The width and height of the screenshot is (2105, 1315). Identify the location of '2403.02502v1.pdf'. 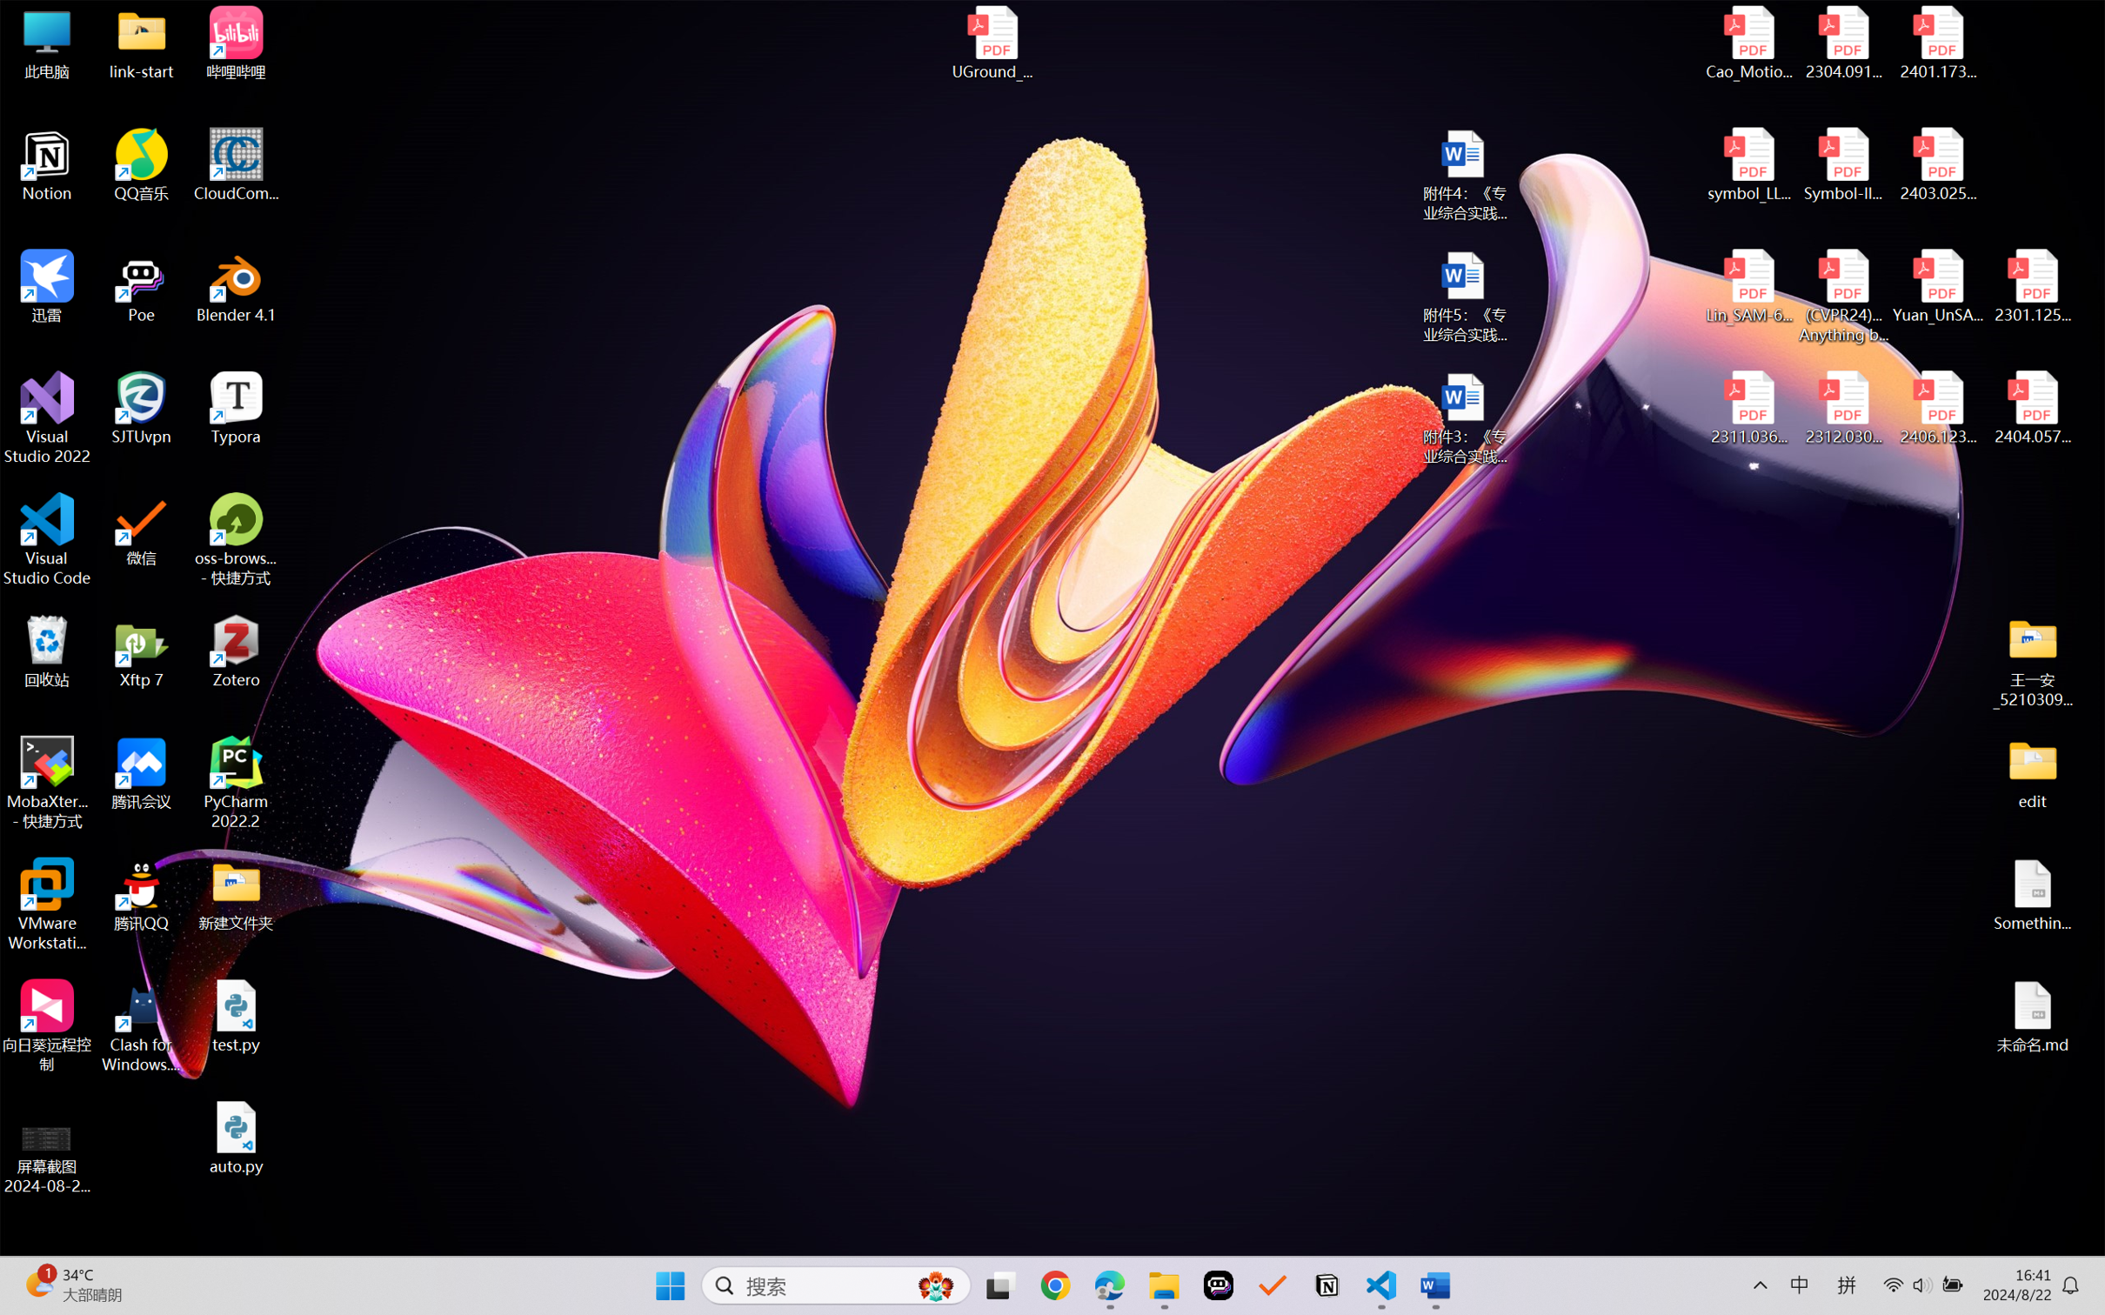
(1936, 165).